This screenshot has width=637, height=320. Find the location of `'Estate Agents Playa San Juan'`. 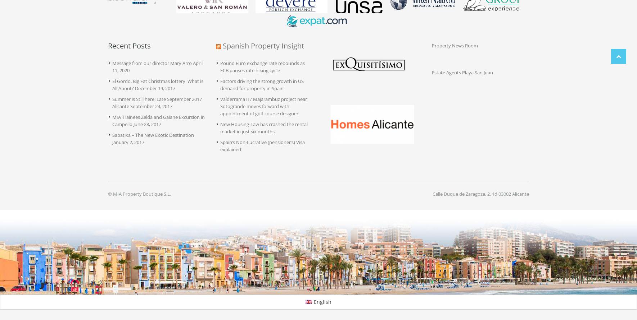

'Estate Agents Playa San Juan' is located at coordinates (462, 72).